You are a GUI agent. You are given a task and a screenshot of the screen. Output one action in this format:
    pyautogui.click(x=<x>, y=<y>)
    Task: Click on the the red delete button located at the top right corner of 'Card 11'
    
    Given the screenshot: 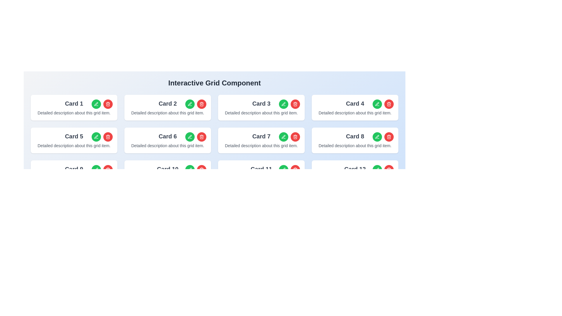 What is the action you would take?
    pyautogui.click(x=295, y=169)
    